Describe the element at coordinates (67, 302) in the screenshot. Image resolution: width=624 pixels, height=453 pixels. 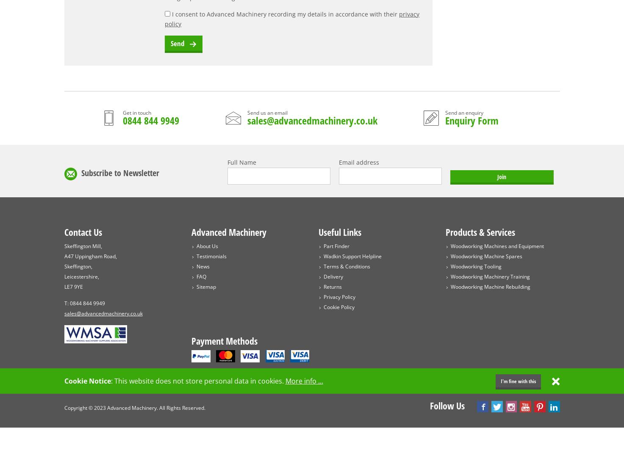
I see `'T:'` at that location.